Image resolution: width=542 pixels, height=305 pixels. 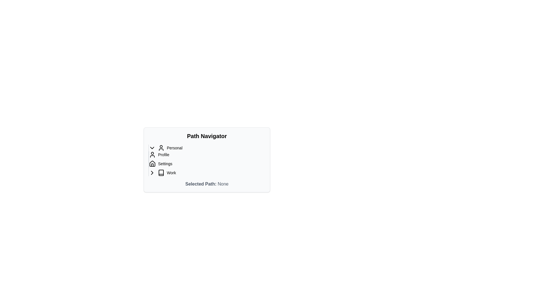 I want to click on the 'Work' category icon in the application's navigation, which is the third icon in a vertical list, positioned to the left of the 'Work' label, so click(x=161, y=173).